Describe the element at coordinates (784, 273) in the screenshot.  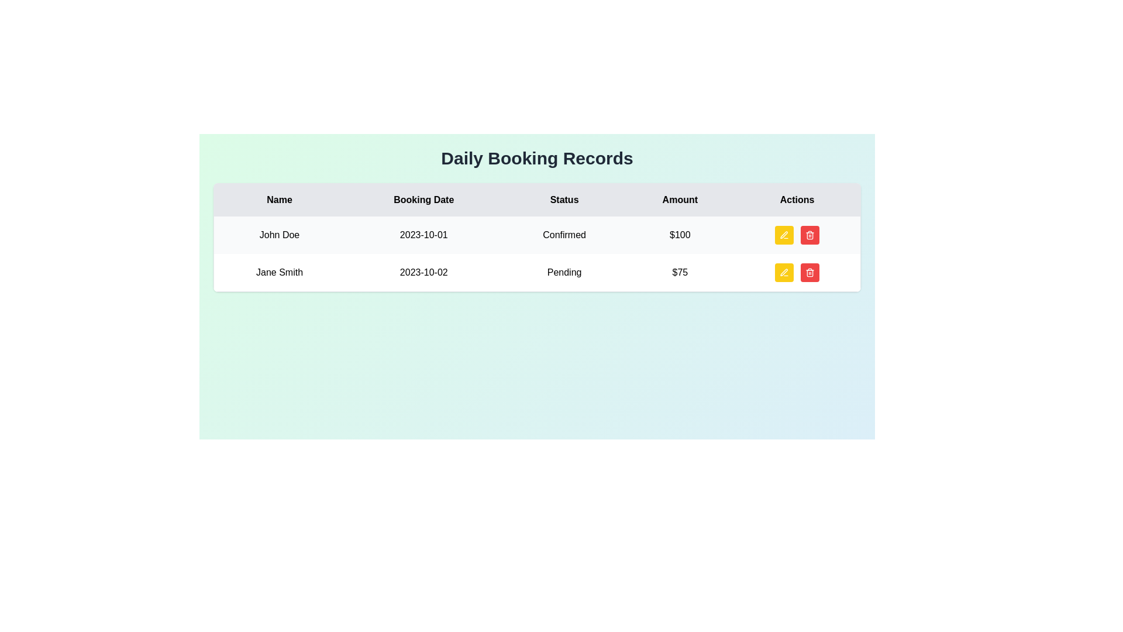
I see `the edit icon button located in the 'Actions' column of the second row for 'Jane Smith'` at that location.